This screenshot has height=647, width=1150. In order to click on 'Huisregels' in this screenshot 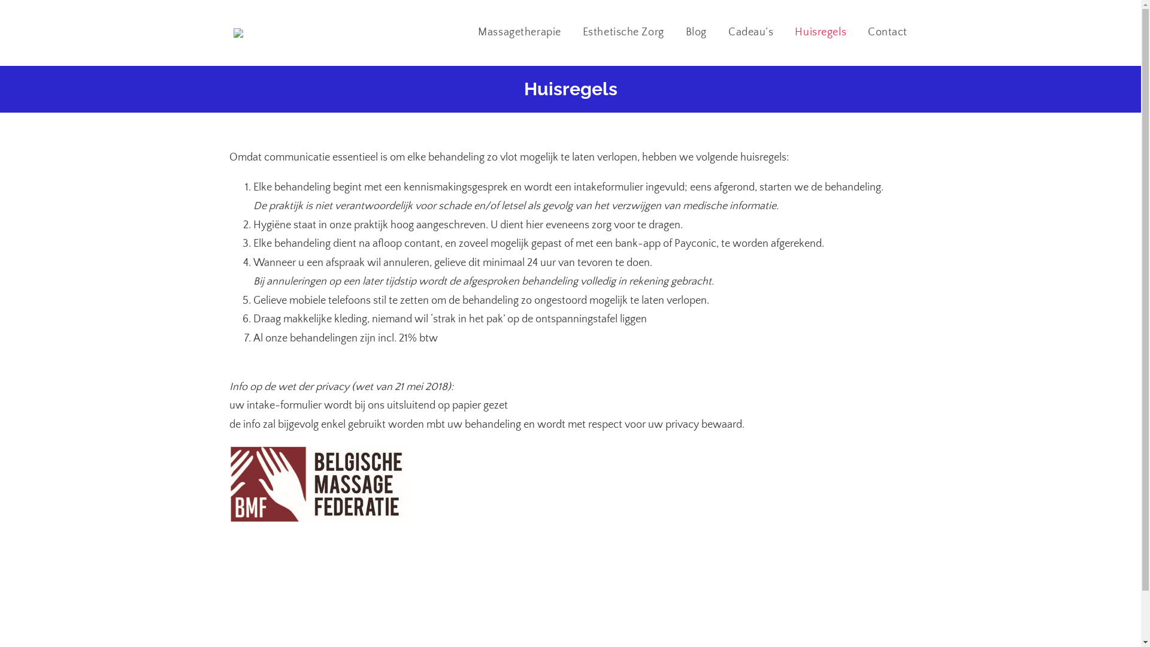, I will do `click(819, 32)`.